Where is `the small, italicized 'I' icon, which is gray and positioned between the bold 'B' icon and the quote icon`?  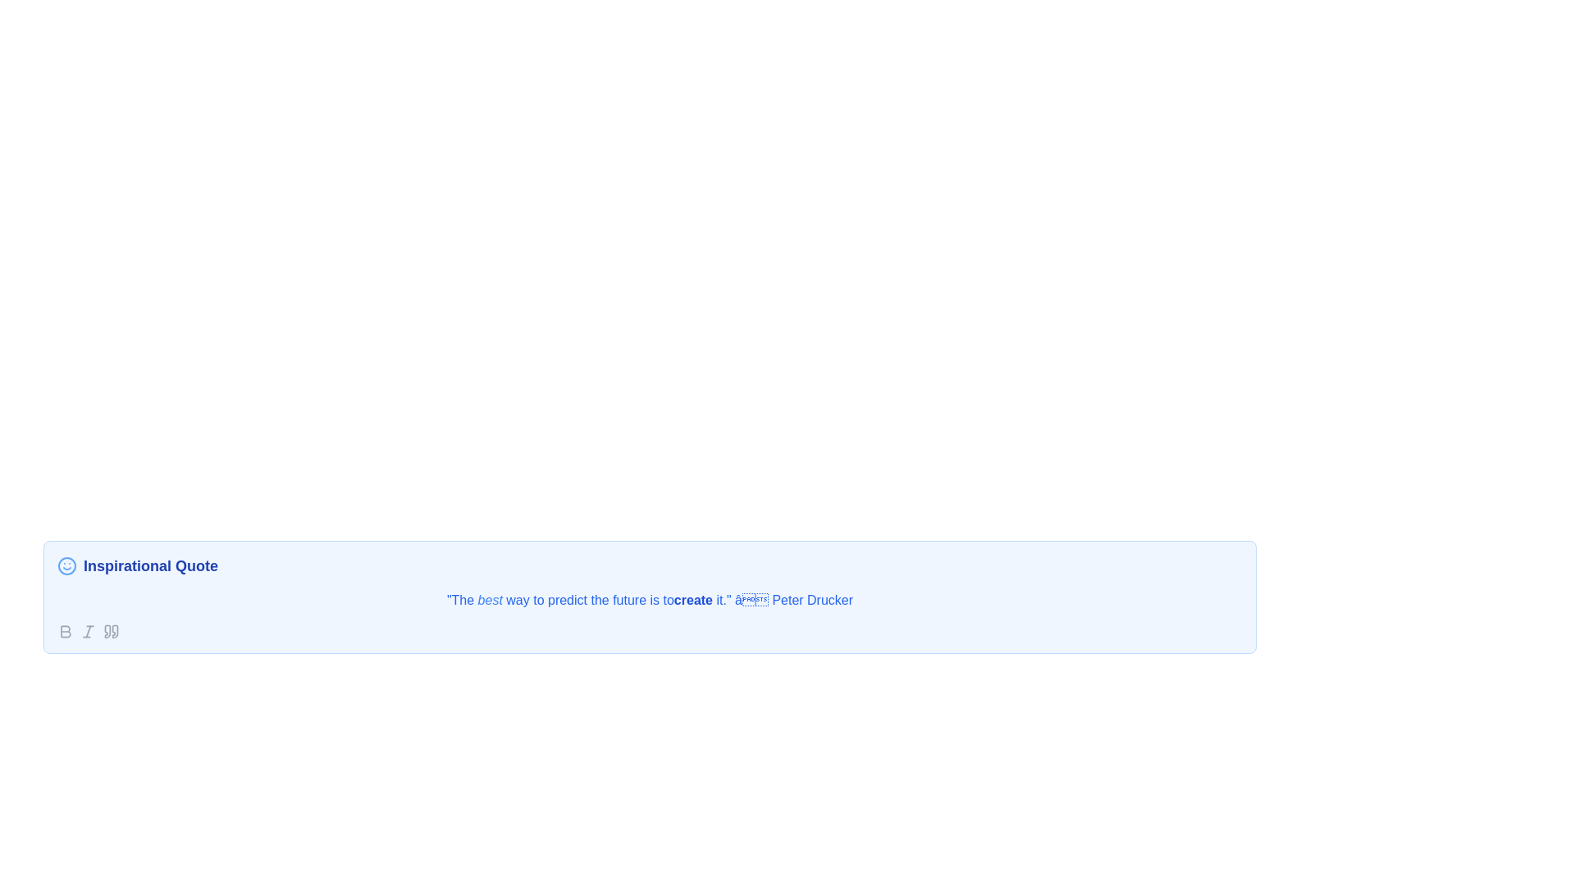
the small, italicized 'I' icon, which is gray and positioned between the bold 'B' icon and the quote icon is located at coordinates (88, 631).